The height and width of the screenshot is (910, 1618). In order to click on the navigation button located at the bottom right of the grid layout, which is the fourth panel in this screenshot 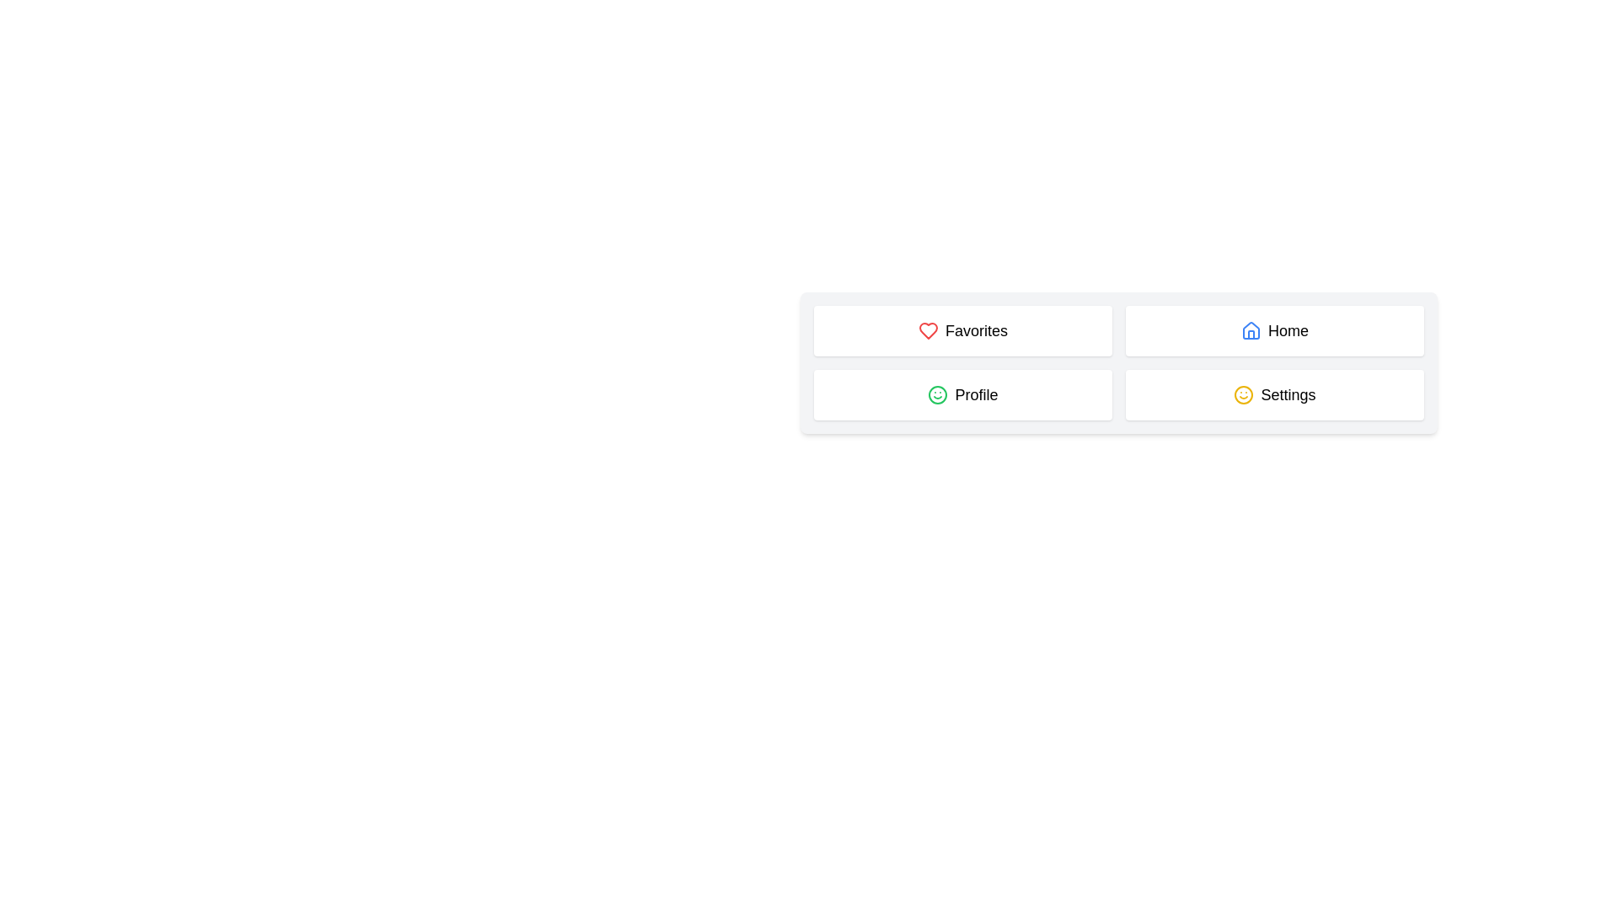, I will do `click(1274, 395)`.